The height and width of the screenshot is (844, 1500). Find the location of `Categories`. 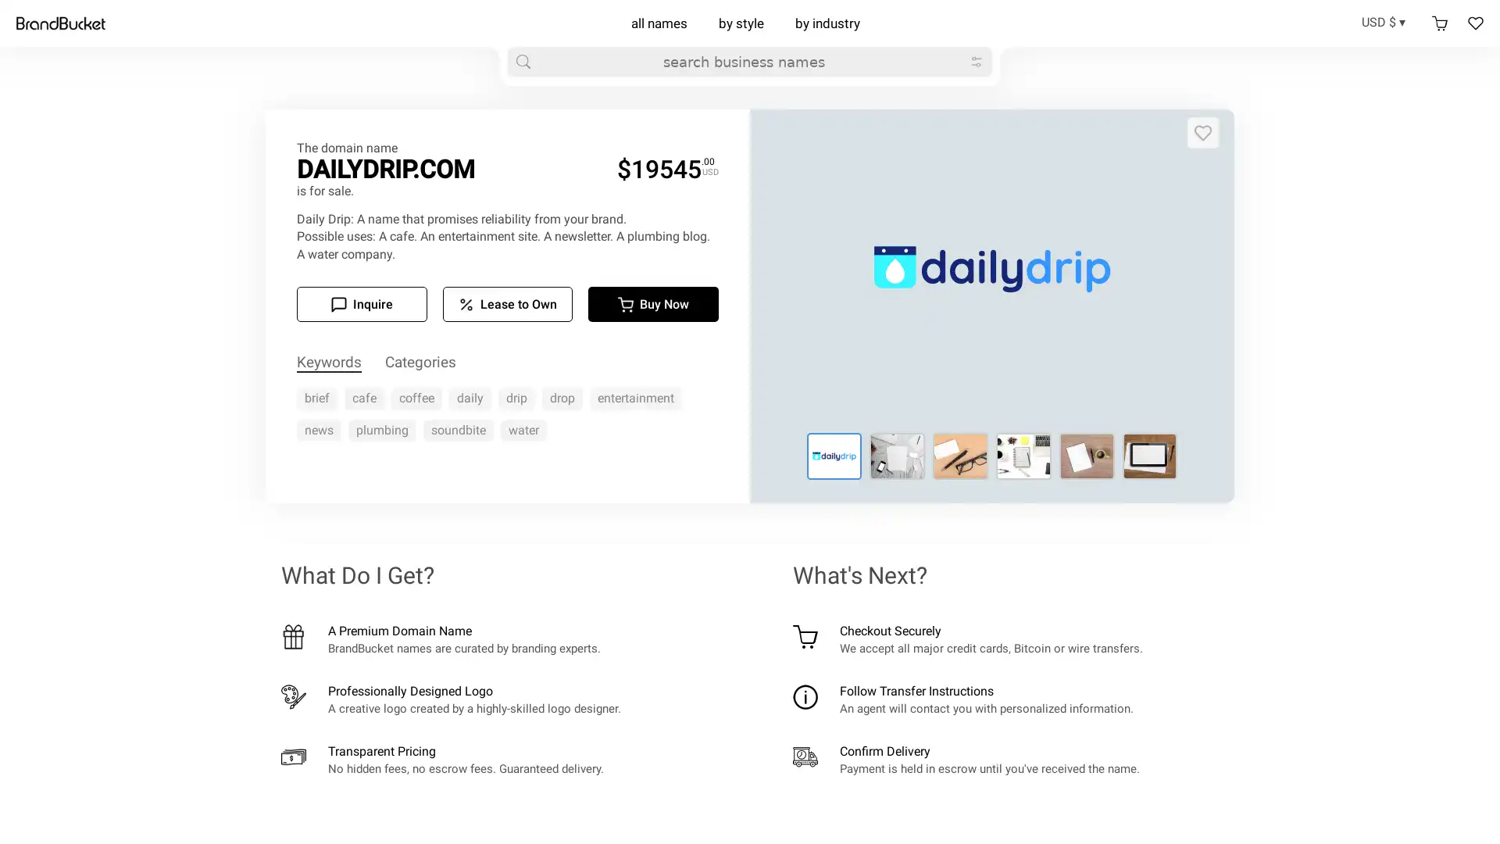

Categories is located at coordinates (420, 363).